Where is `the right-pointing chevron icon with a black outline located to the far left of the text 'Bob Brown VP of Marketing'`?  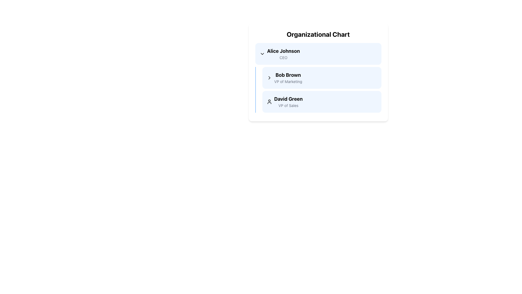 the right-pointing chevron icon with a black outline located to the far left of the text 'Bob Brown VP of Marketing' is located at coordinates (269, 78).